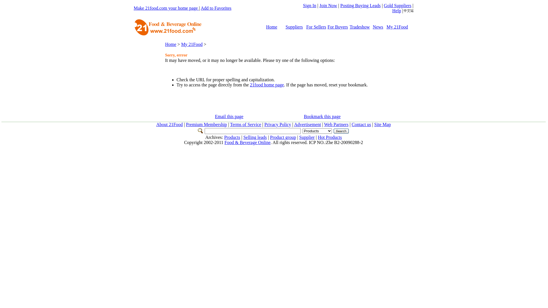 The width and height of the screenshot is (548, 308). Describe the element at coordinates (360, 5) in the screenshot. I see `'Posting Buying Leads'` at that location.